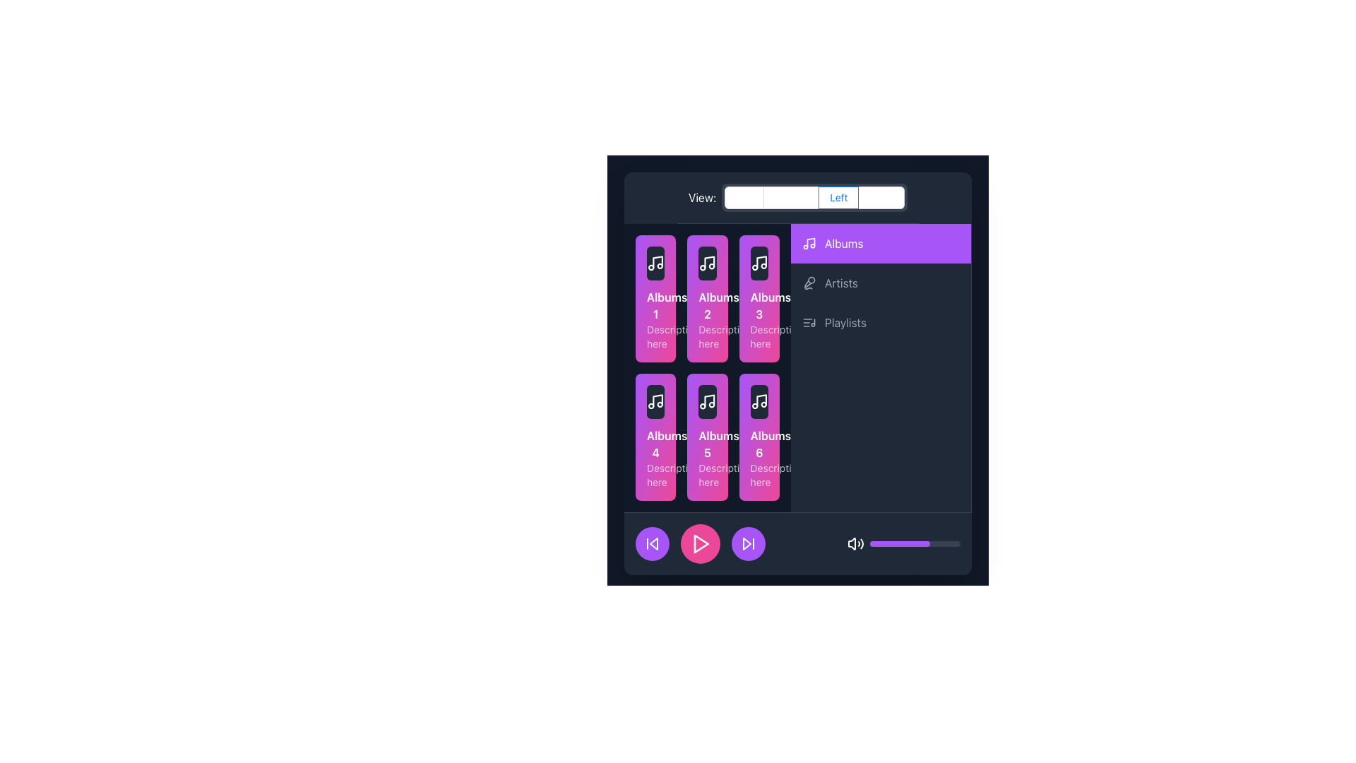 The image size is (1356, 763). I want to click on the navigation button located at the top of the vertical menu on the left side of the interface, so click(880, 242).